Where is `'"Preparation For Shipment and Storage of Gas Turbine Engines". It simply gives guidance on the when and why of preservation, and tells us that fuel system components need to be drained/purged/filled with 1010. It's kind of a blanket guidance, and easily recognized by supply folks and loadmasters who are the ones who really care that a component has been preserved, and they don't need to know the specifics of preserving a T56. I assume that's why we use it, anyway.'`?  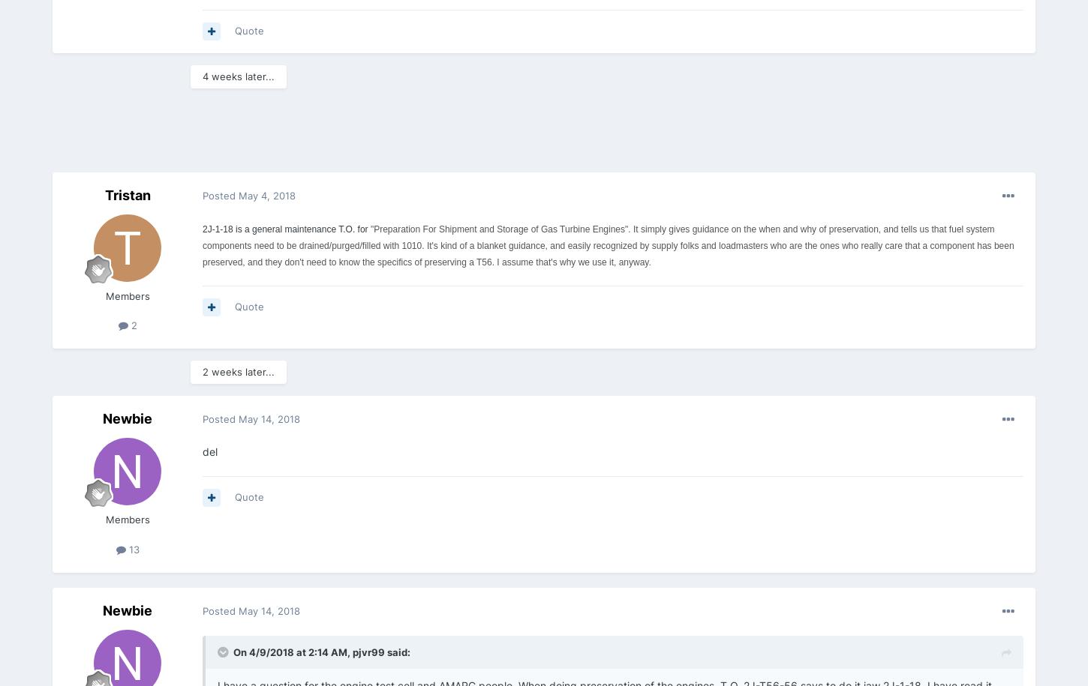 '"Preparation For Shipment and Storage of Gas Turbine Engines". It simply gives guidance on the when and why of preservation, and tells us that fuel system components need to be drained/purged/filled with 1010. It's kind of a blanket guidance, and easily recognized by supply folks and loadmasters who are the ones who really care that a component has been preserved, and they don't need to know the specifics of preserving a T56. I assume that's why we use it, anyway.' is located at coordinates (608, 245).